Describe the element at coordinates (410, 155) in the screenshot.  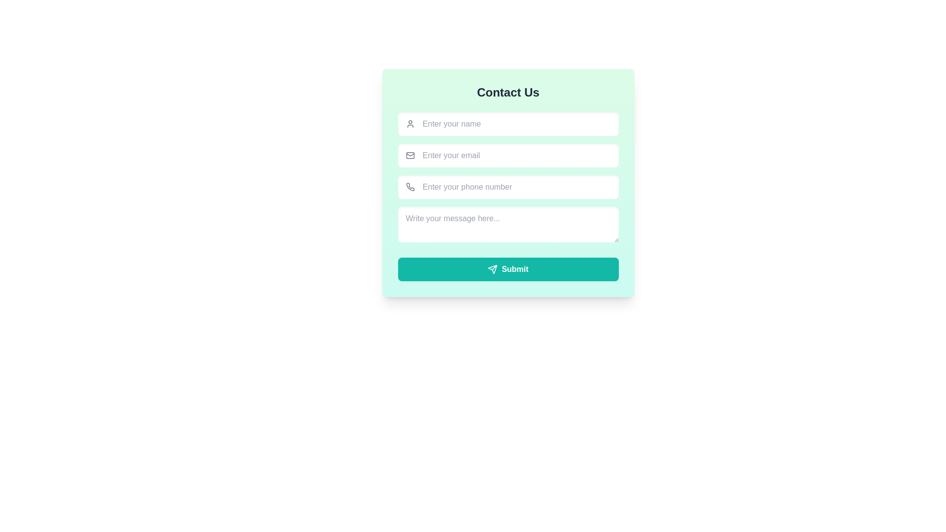
I see `the Decorative SVG icon located inside the email input field, which visually signifies the purpose of the input box` at that location.